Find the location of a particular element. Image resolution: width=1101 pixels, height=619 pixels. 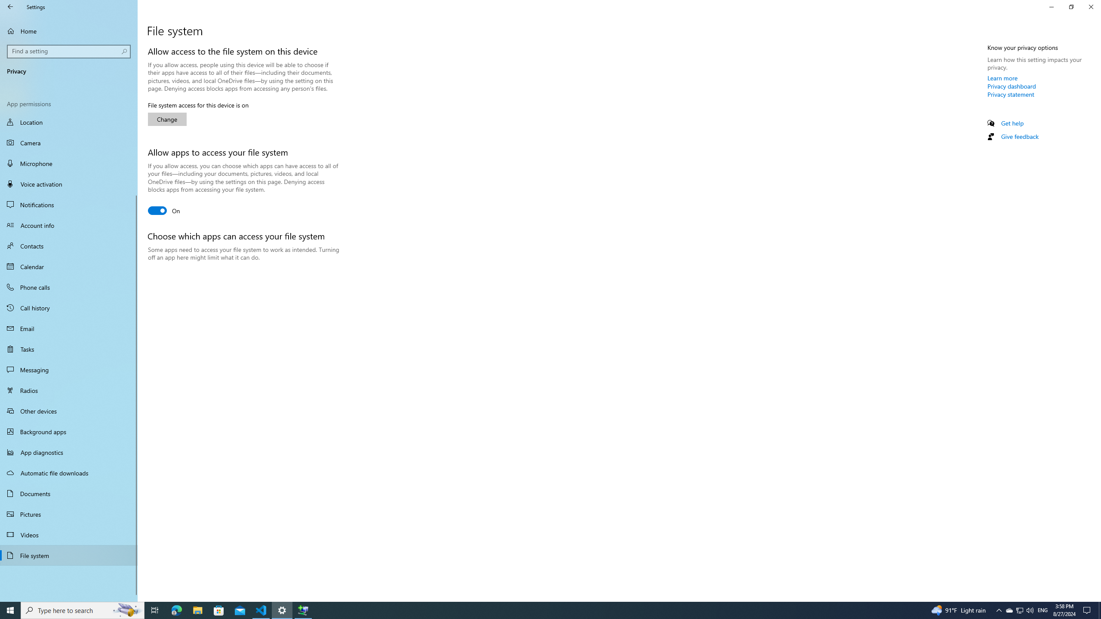

'Learn more' is located at coordinates (1003, 77).